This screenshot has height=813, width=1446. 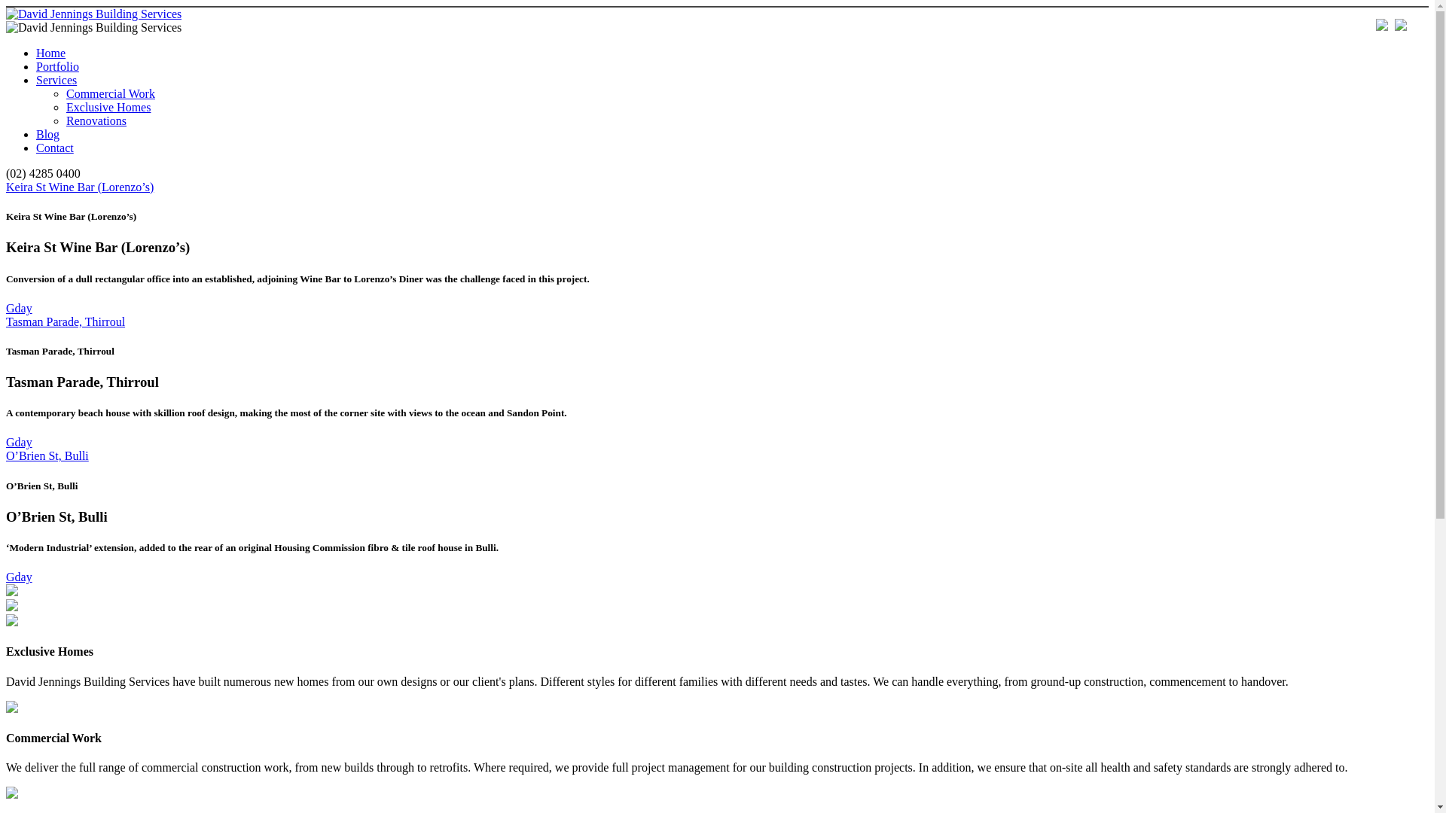 I want to click on 'Tasman Parade, Thirroul', so click(x=64, y=321).